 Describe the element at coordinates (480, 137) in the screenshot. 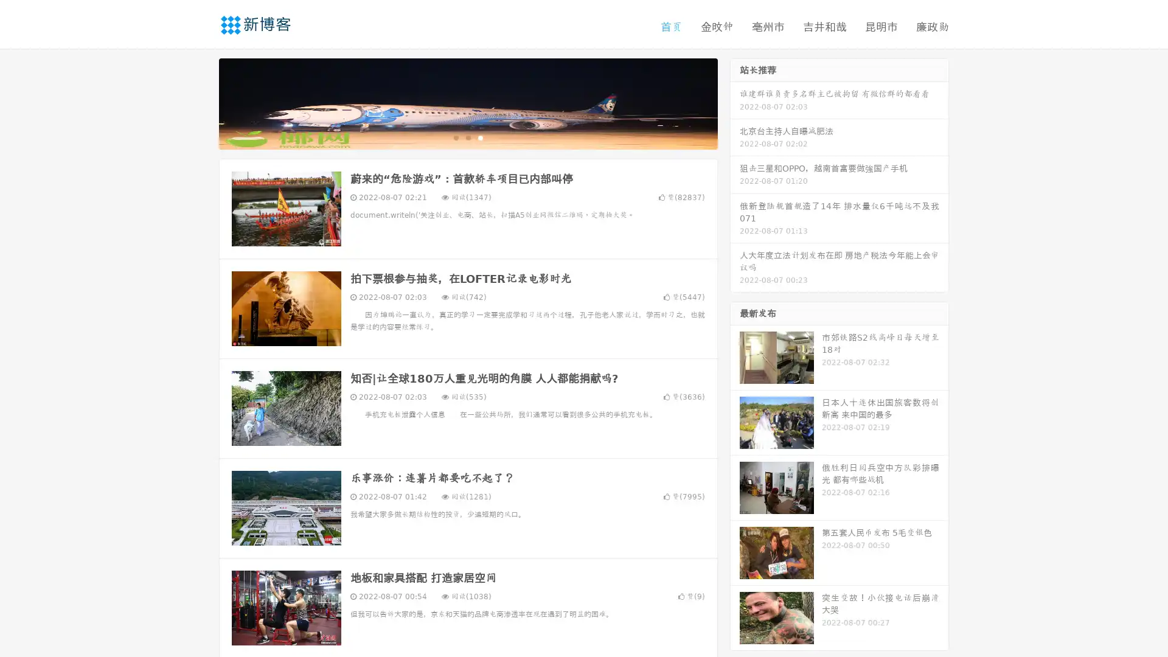

I see `Go to slide 3` at that location.